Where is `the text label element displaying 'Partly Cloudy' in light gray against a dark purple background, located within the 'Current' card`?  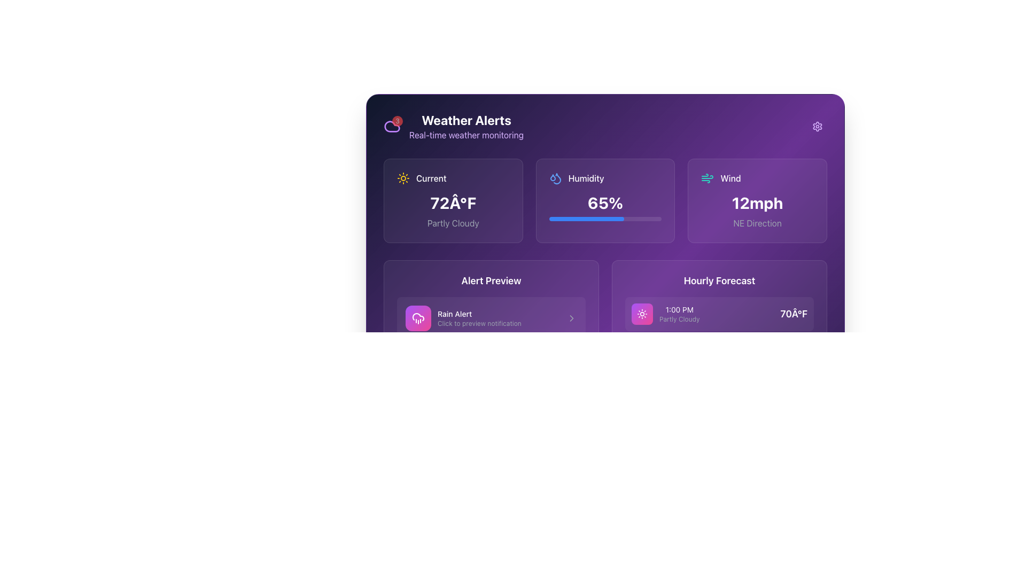 the text label element displaying 'Partly Cloudy' in light gray against a dark purple background, located within the 'Current' card is located at coordinates (453, 222).